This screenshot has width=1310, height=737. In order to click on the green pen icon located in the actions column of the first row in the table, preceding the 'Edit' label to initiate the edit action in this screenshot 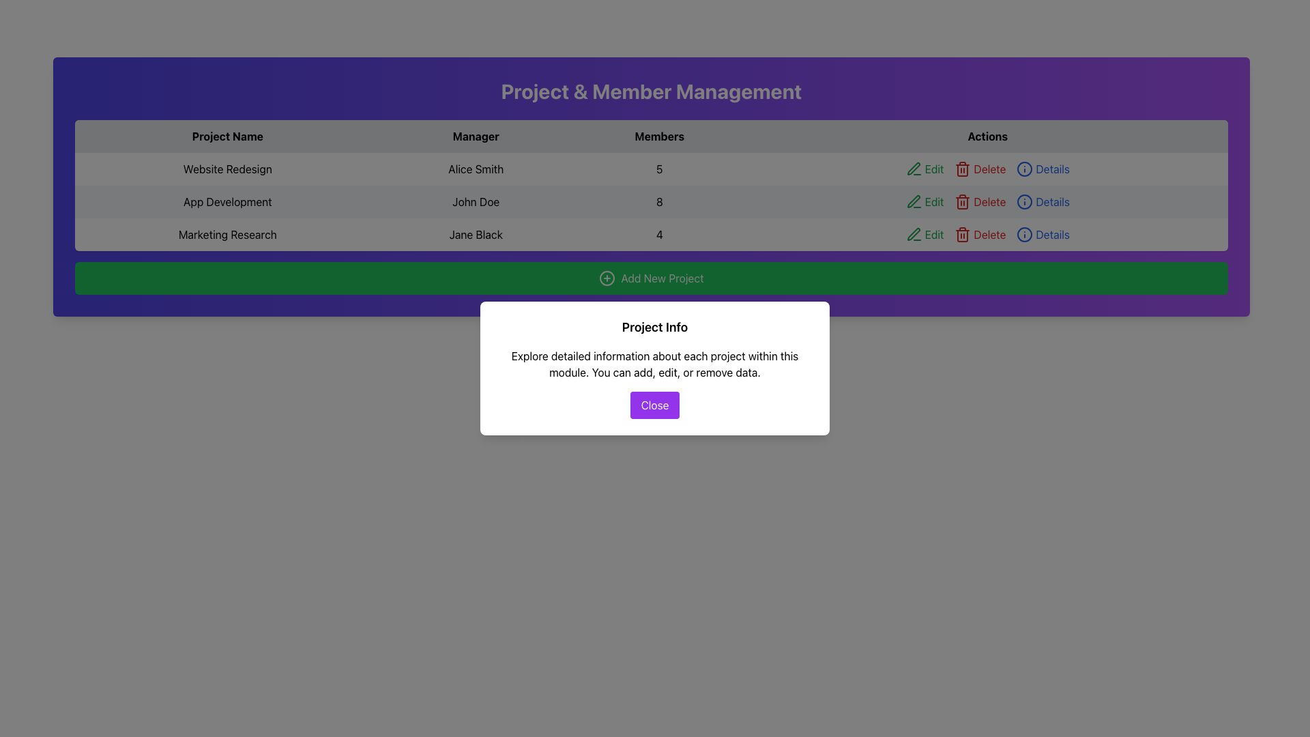, I will do `click(914, 168)`.